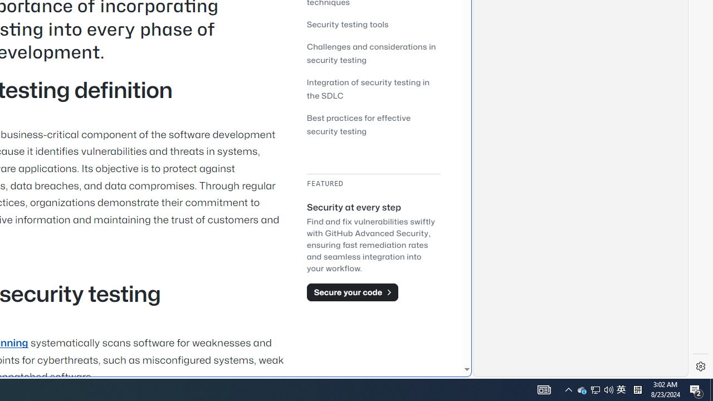 The image size is (713, 401). What do you see at coordinates (347, 24) in the screenshot?
I see `'Security testing tools'` at bounding box center [347, 24].